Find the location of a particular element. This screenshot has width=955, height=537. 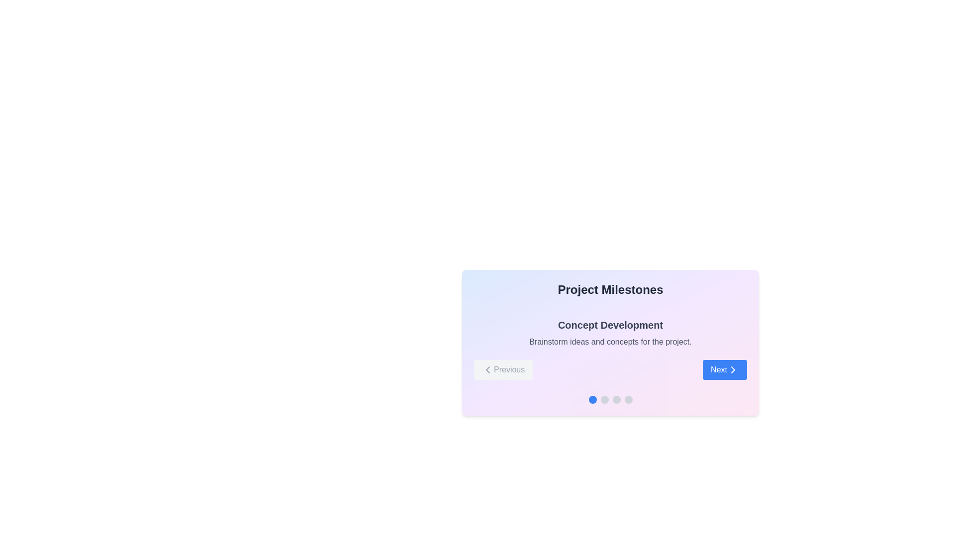

the second circle in the progress indicator of the 'Project Milestones' card, which is visually represented as a gray circle following a blue circle and preceding two other gray circles is located at coordinates (604, 399).